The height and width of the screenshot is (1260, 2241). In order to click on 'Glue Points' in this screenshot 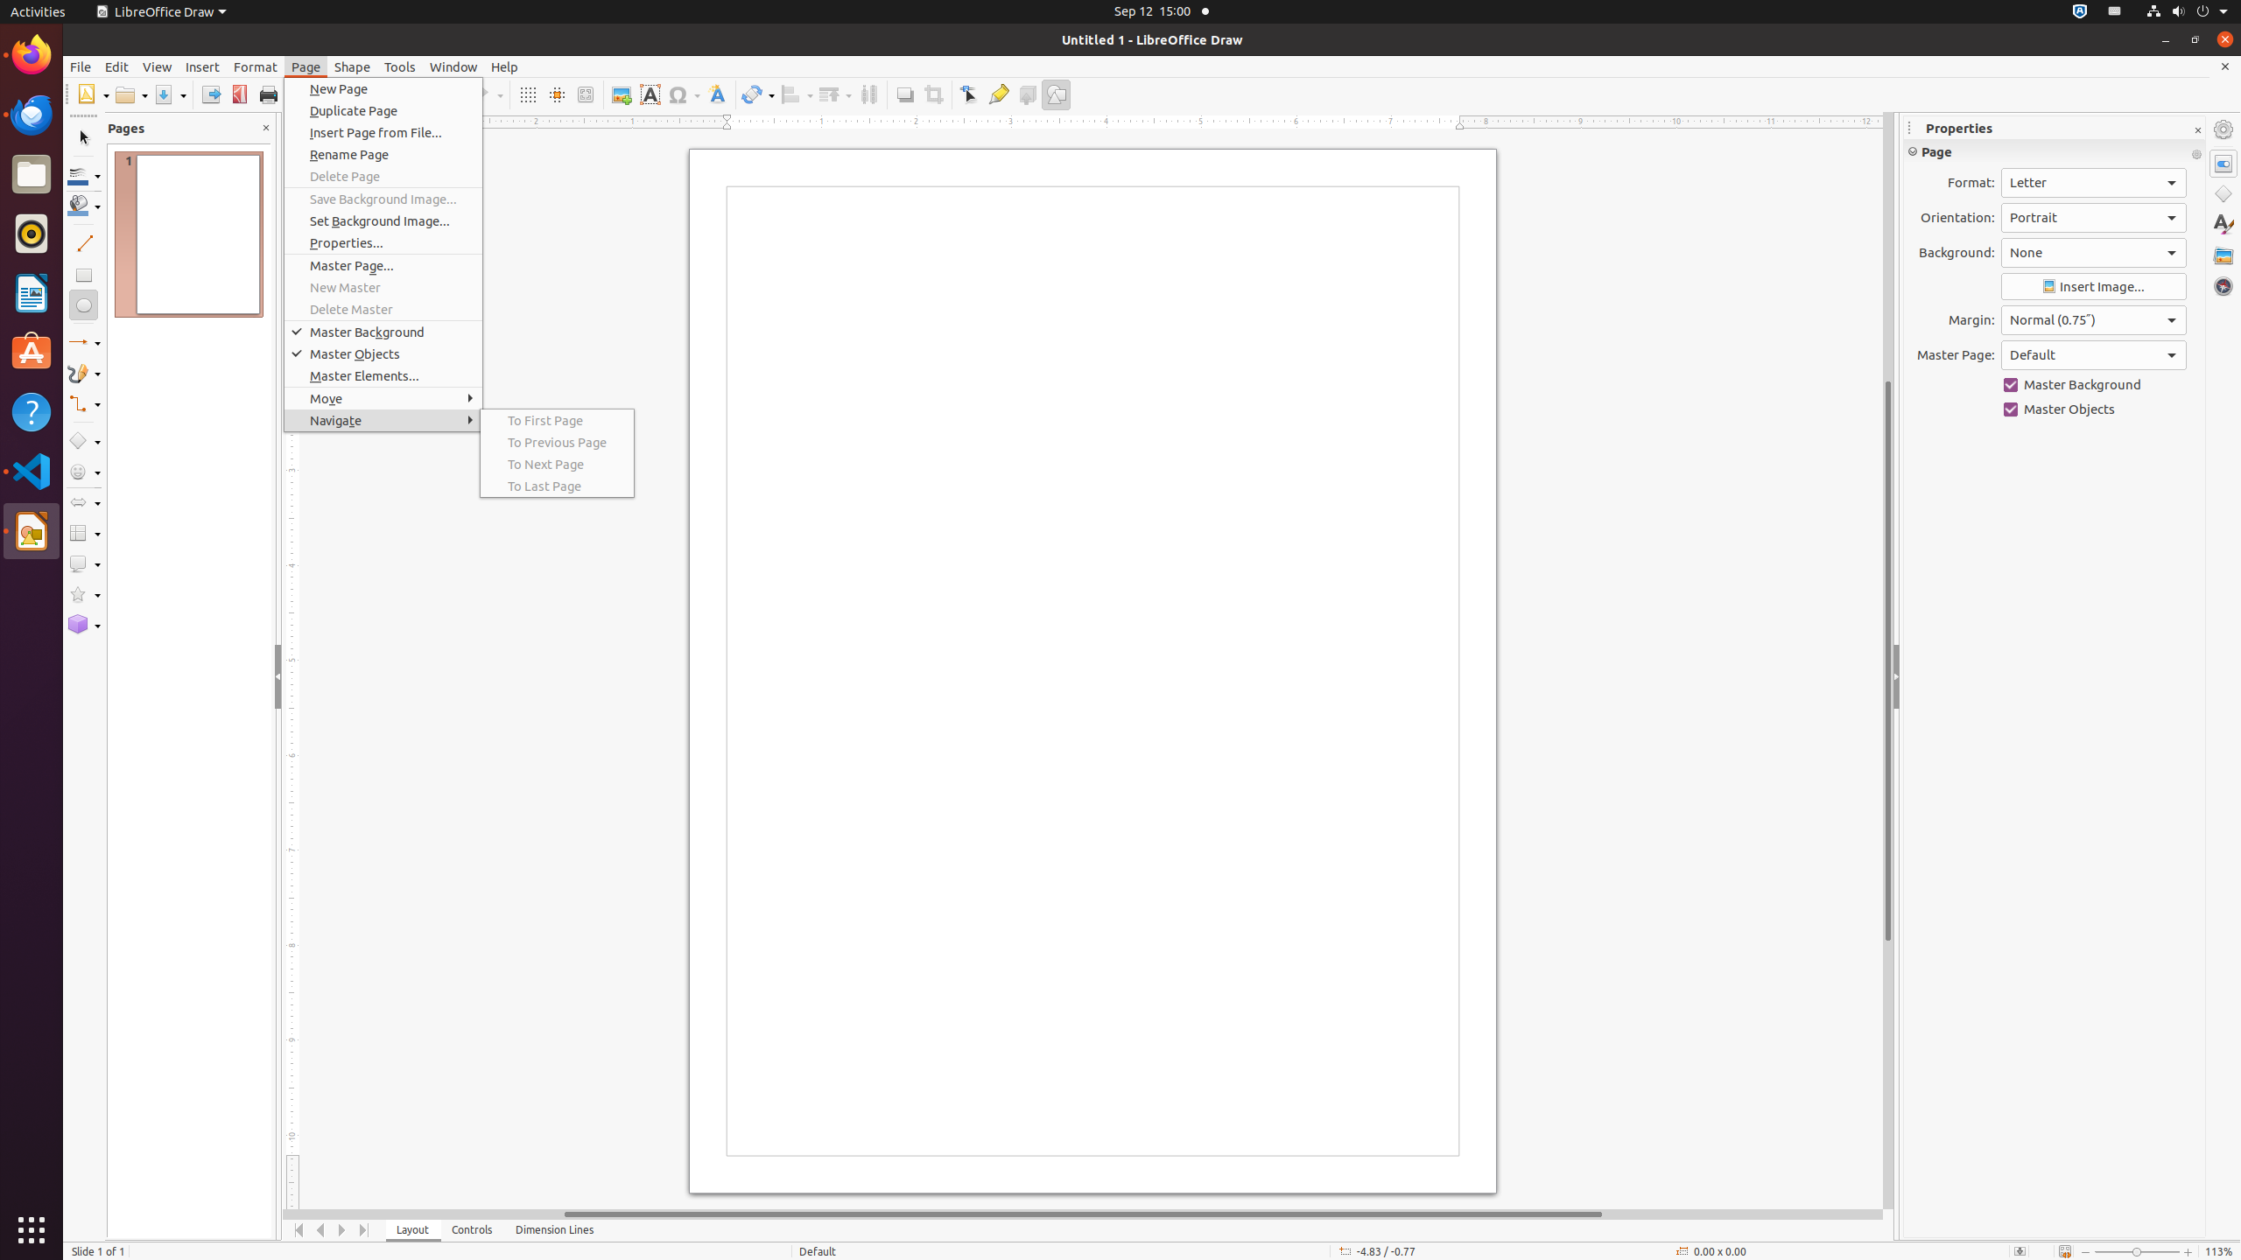, I will do `click(998, 94)`.